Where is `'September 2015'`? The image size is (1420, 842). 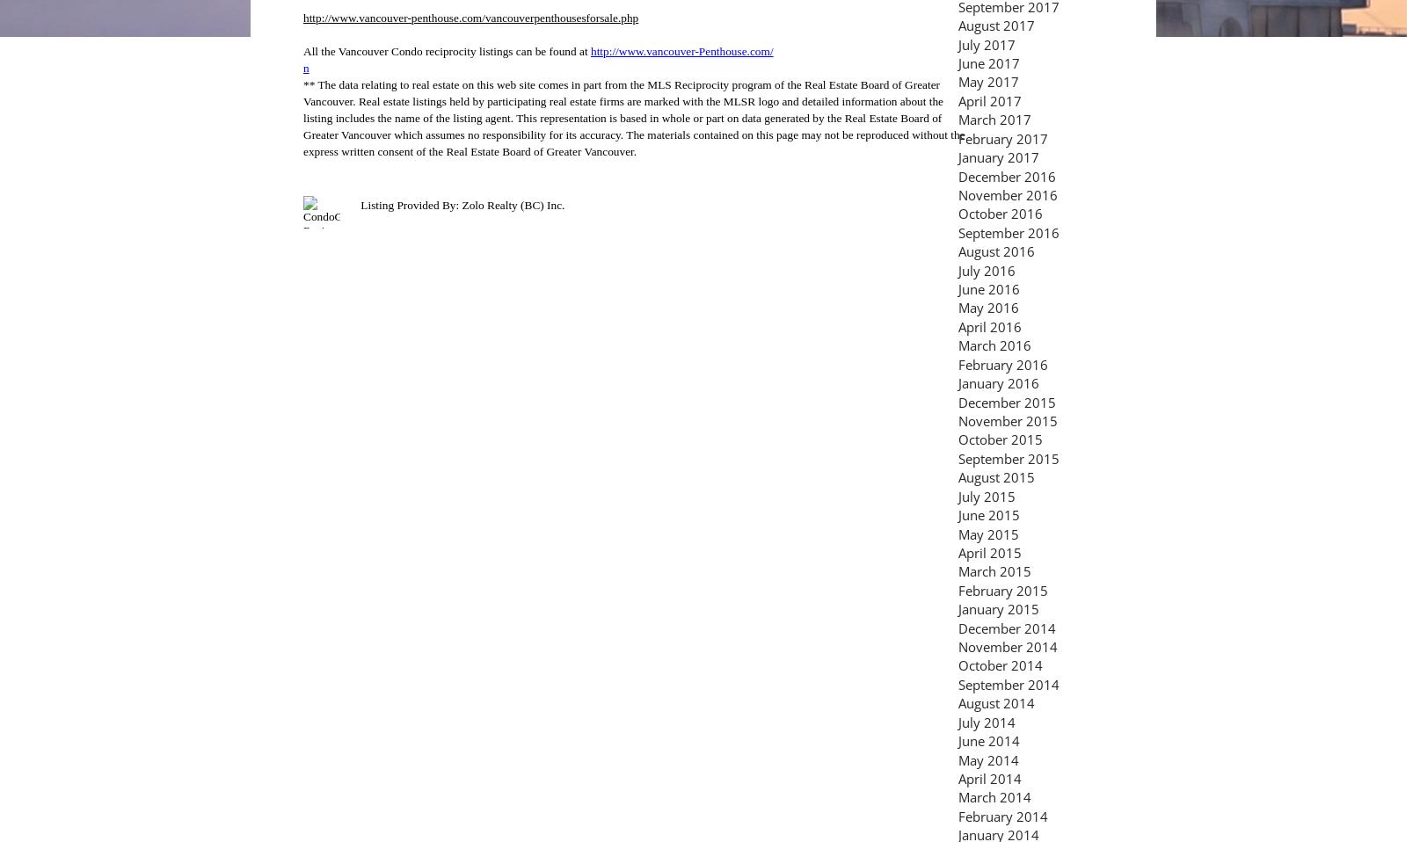 'September 2015' is located at coordinates (958, 456).